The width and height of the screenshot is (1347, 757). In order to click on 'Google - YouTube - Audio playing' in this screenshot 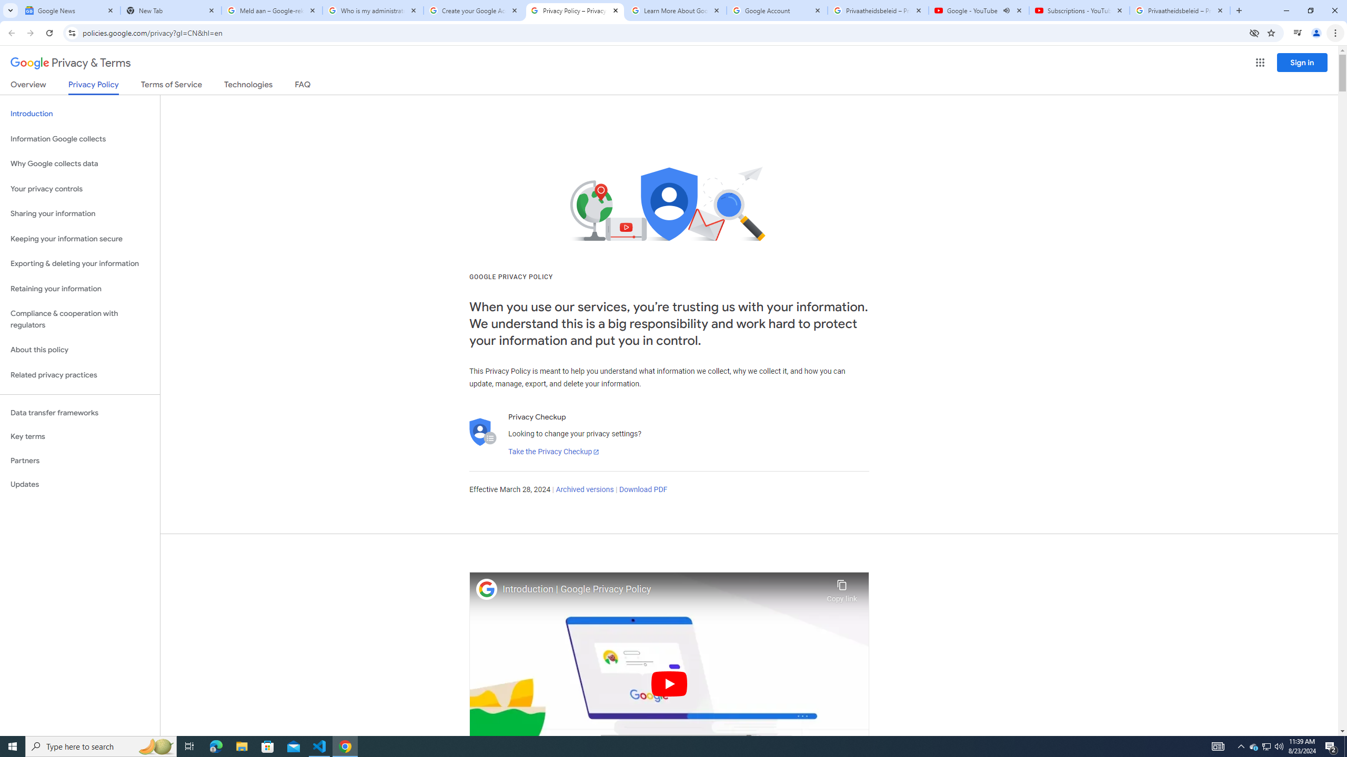, I will do `click(979, 10)`.